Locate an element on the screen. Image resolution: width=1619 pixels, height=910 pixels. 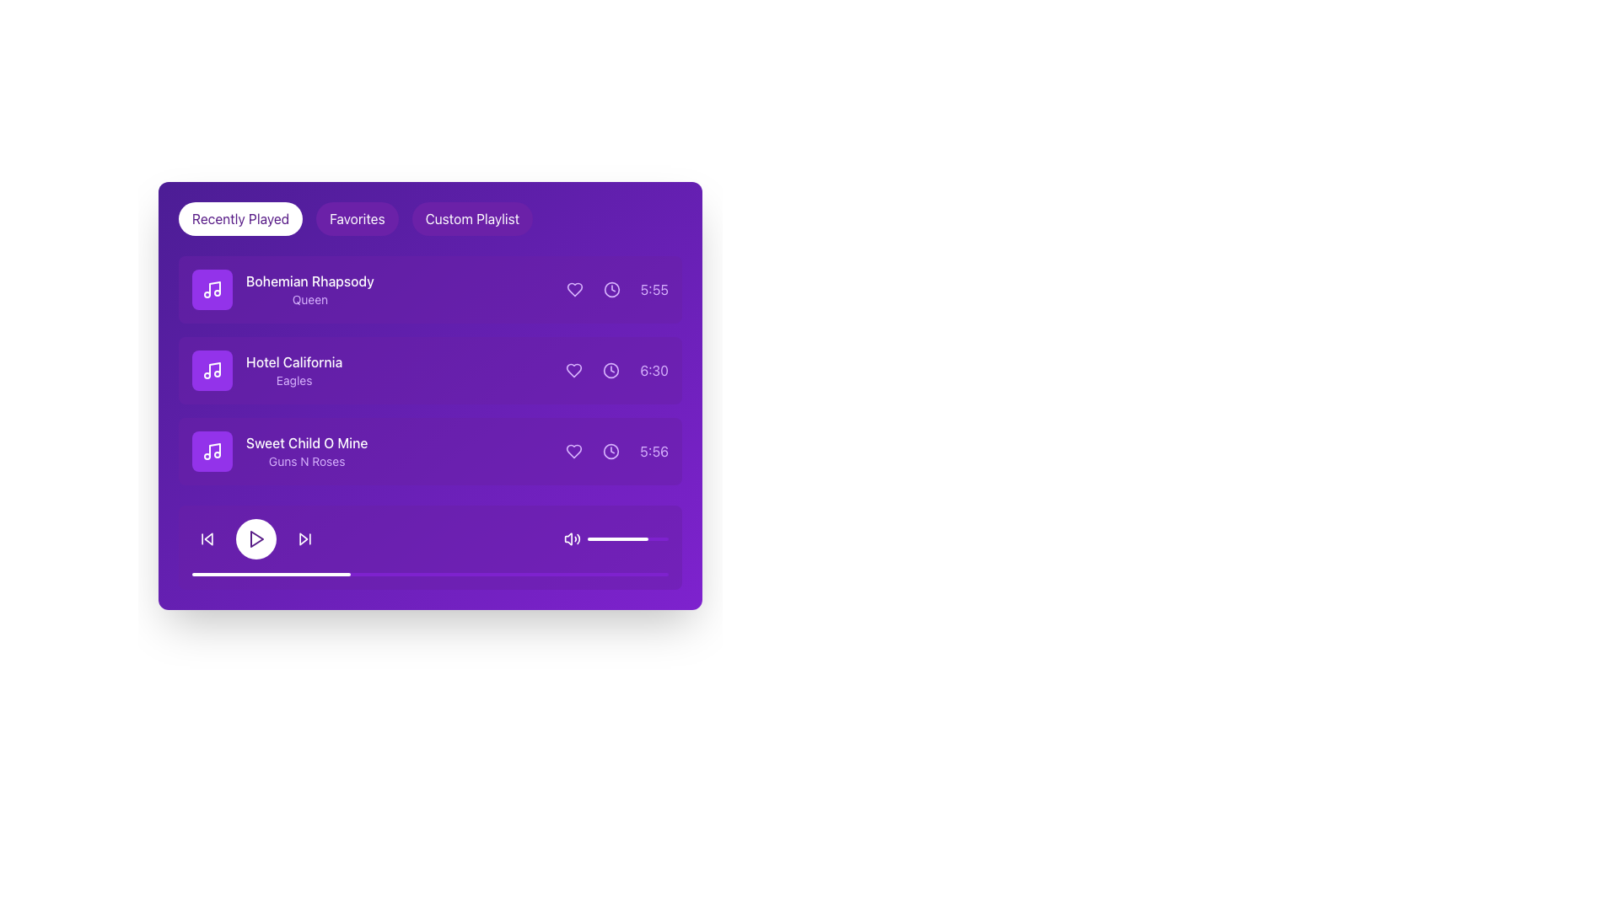
the heart icon located in the first row, to the left of the clock icon, to change its color is located at coordinates (574, 288).